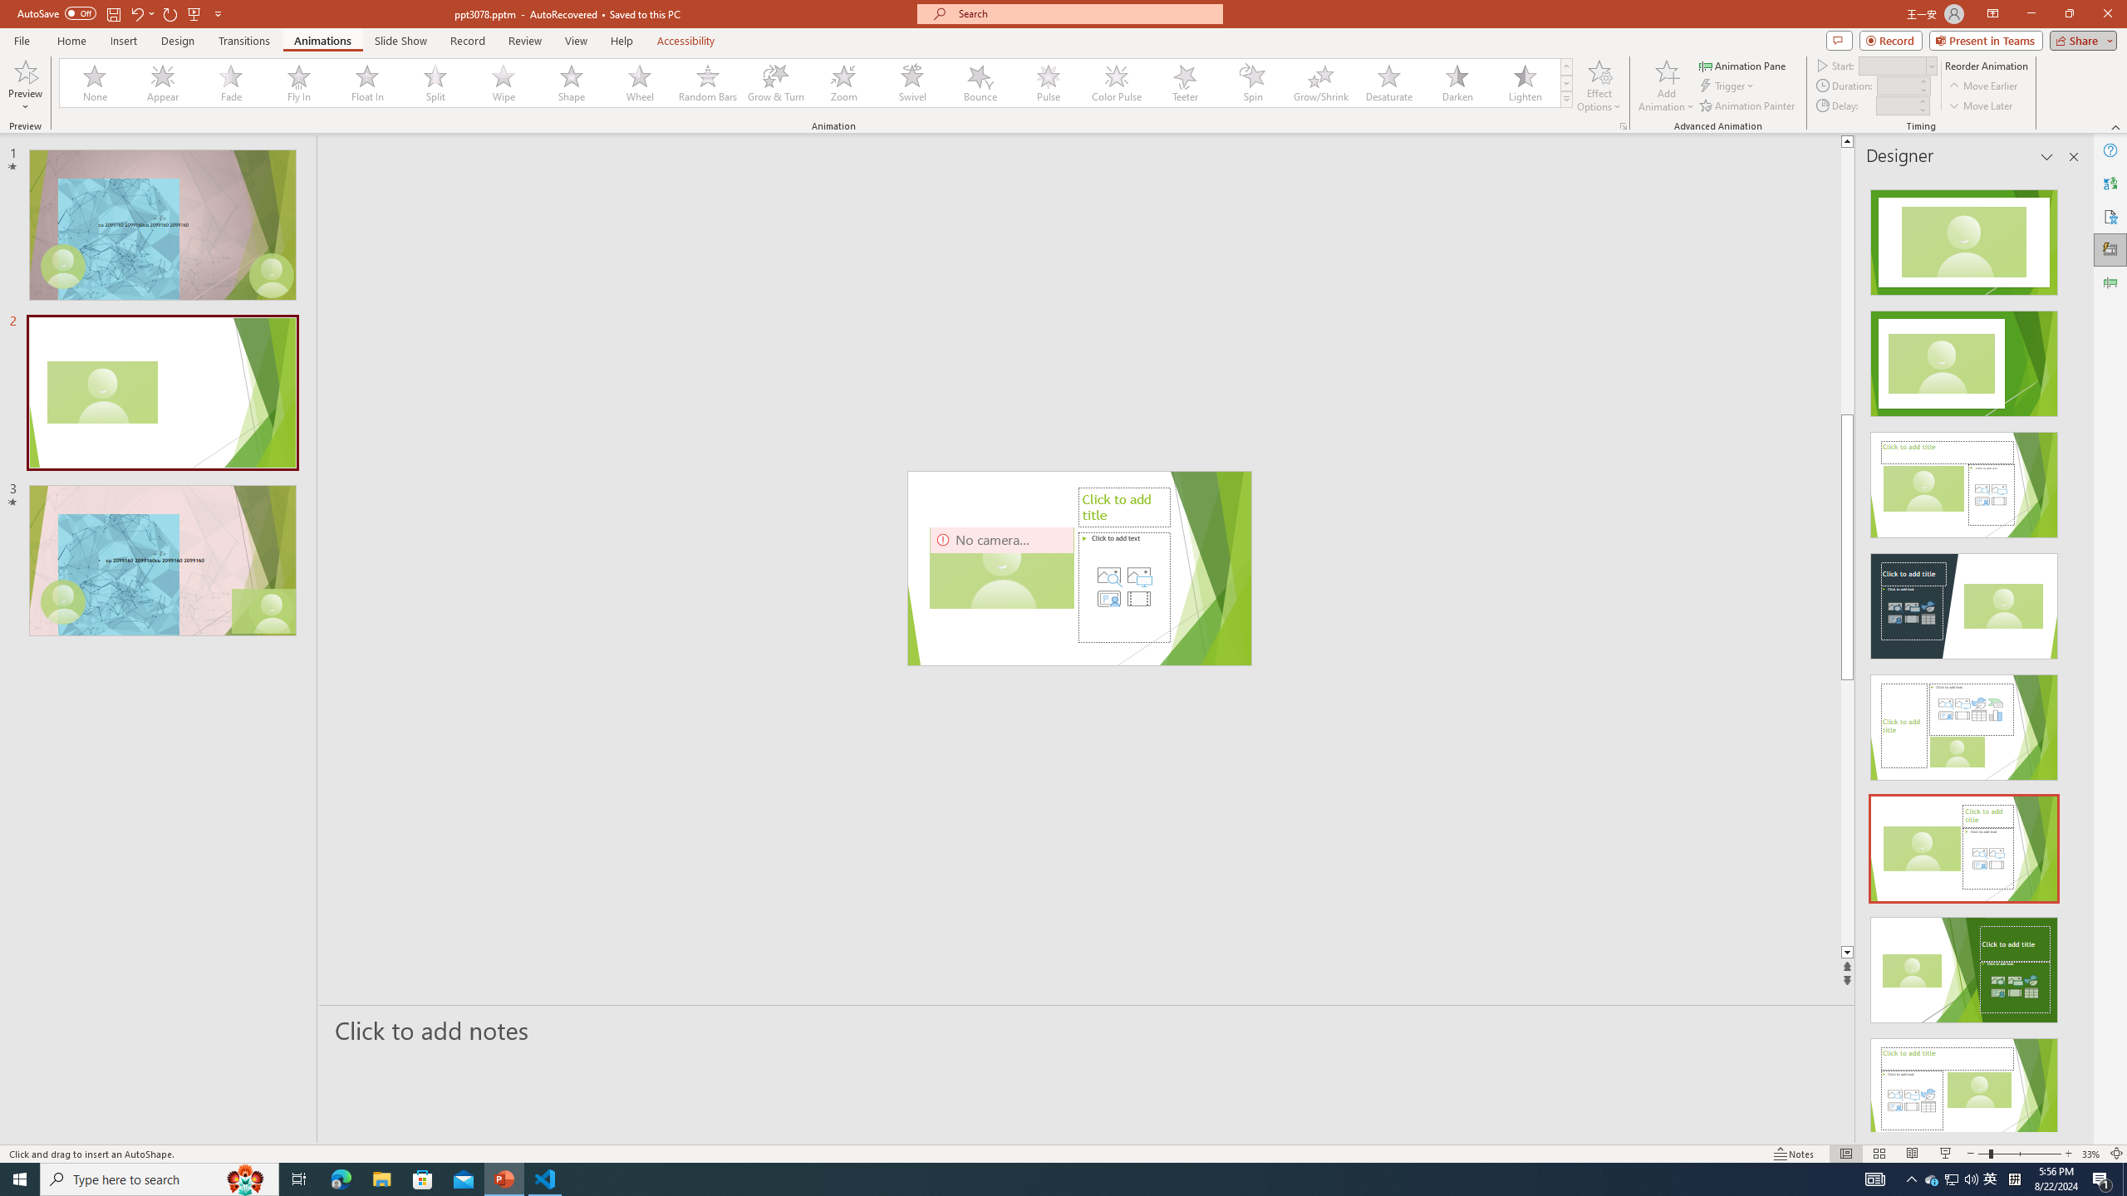 The width and height of the screenshot is (2127, 1196). What do you see at coordinates (1894, 105) in the screenshot?
I see `'Animation Delay'` at bounding box center [1894, 105].